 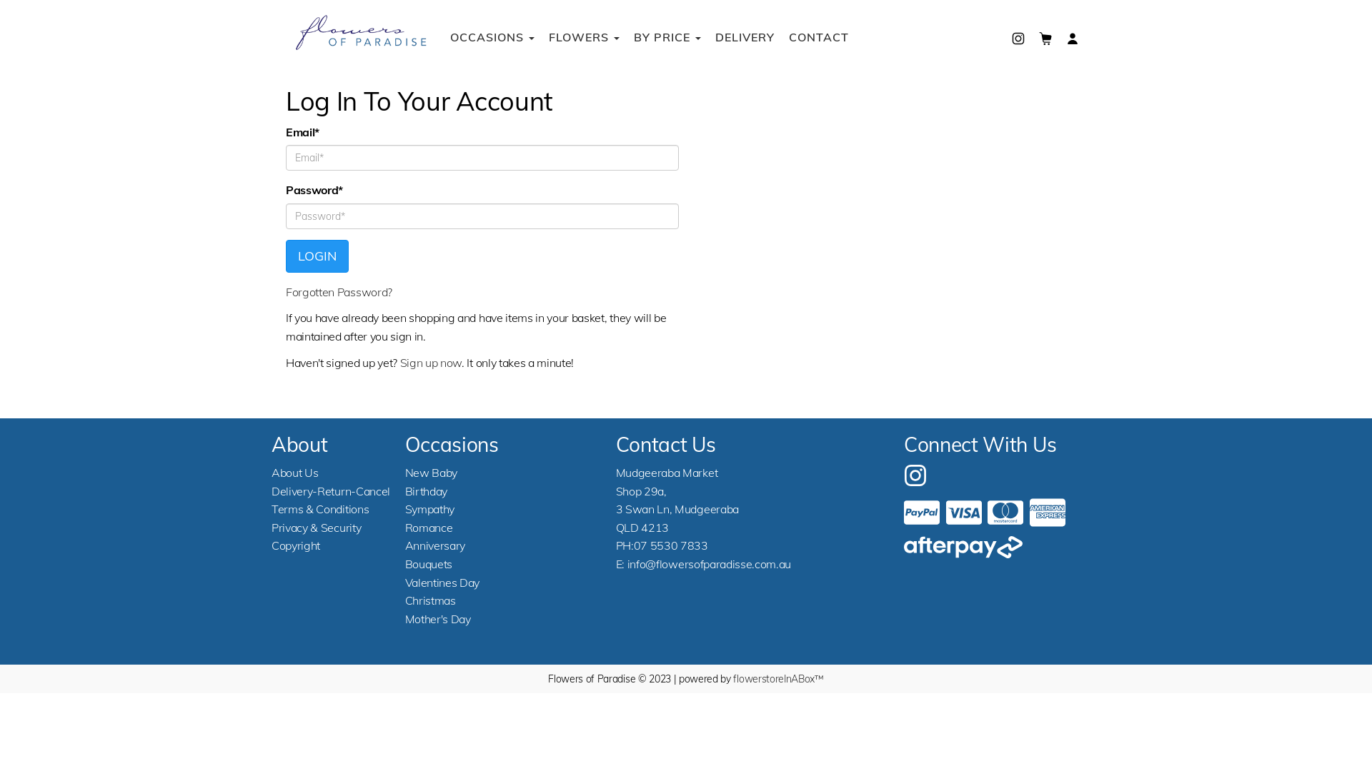 What do you see at coordinates (709, 563) in the screenshot?
I see `'info@flowersofparadisse.com.au'` at bounding box center [709, 563].